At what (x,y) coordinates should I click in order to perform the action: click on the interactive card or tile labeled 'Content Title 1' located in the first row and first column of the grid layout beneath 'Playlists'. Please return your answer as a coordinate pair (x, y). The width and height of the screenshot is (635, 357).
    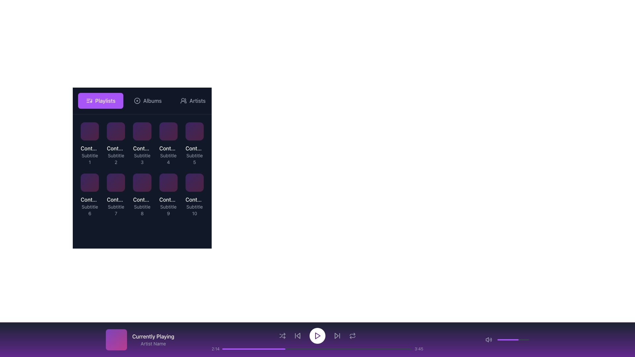
    Looking at the image, I should click on (89, 131).